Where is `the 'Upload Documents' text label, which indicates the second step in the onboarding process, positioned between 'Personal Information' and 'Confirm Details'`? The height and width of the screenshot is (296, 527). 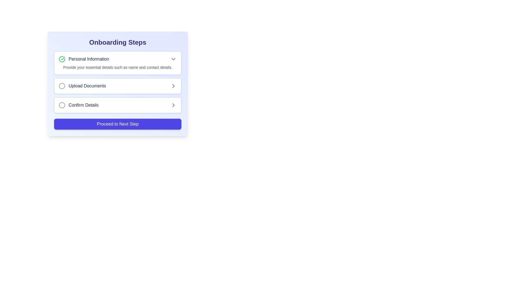
the 'Upload Documents' text label, which indicates the second step in the onboarding process, positioned between 'Personal Information' and 'Confirm Details' is located at coordinates (87, 86).